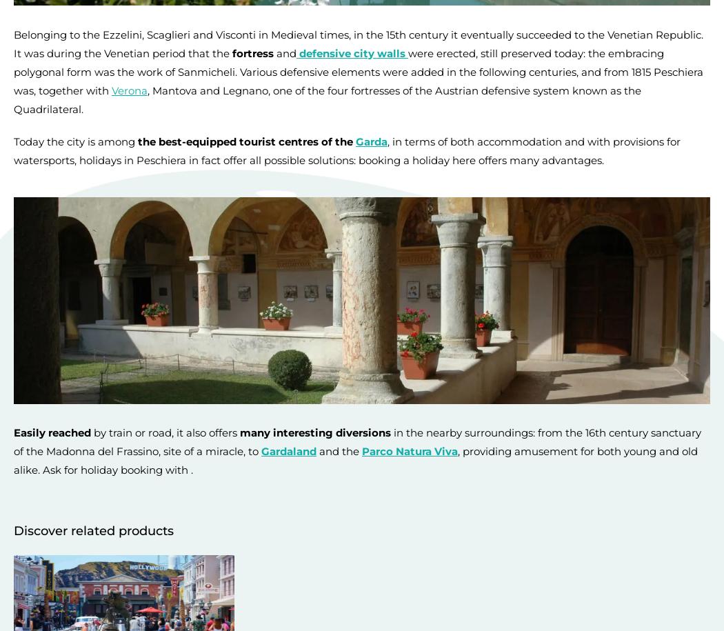  Describe the element at coordinates (40, 257) in the screenshot. I see `'Lake Garda'` at that location.